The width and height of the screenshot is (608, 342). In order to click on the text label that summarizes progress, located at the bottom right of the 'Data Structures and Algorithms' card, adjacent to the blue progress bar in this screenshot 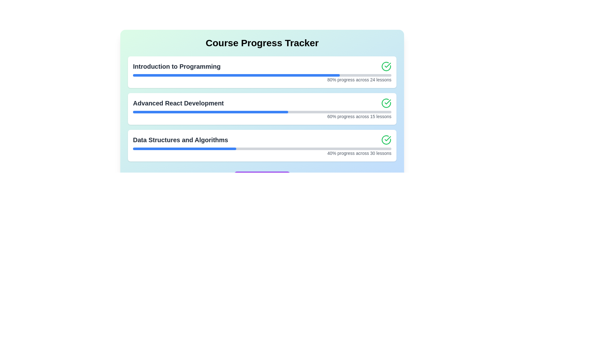, I will do `click(262, 153)`.